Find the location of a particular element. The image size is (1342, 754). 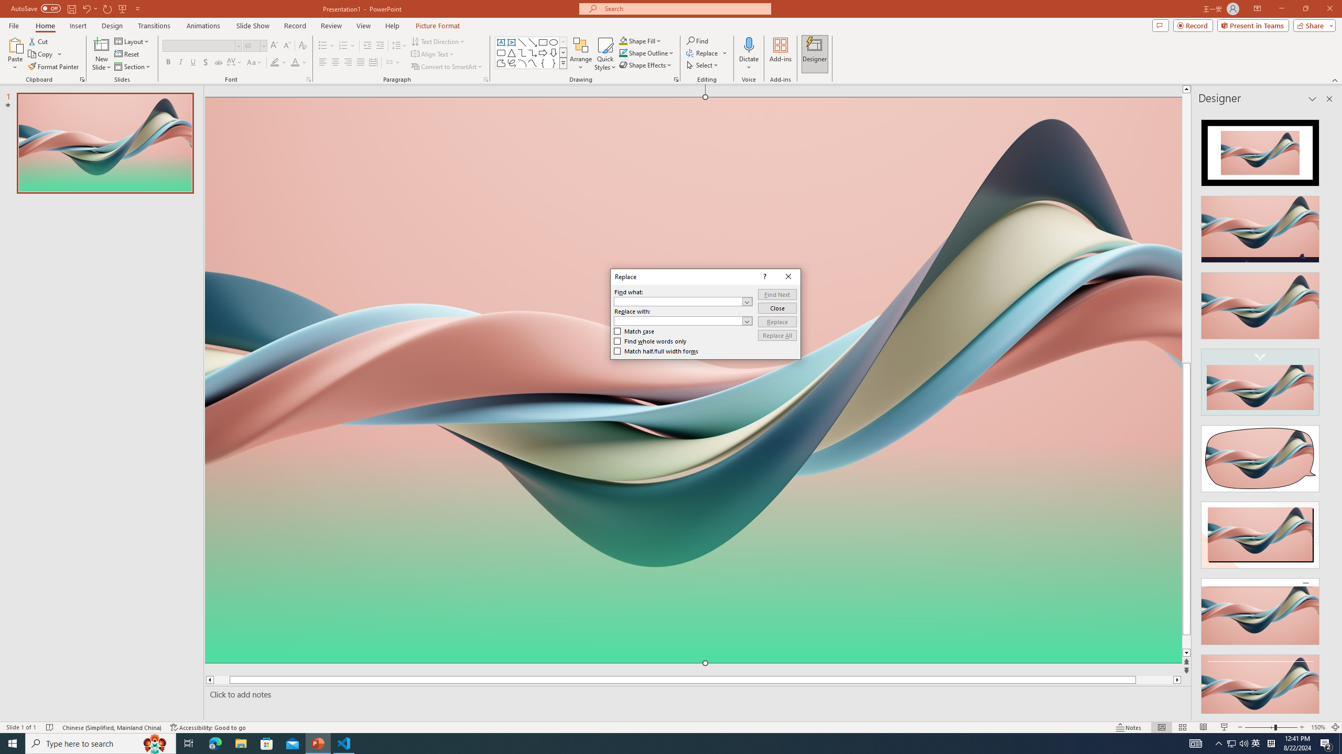

'Find what' is located at coordinates (678, 301).